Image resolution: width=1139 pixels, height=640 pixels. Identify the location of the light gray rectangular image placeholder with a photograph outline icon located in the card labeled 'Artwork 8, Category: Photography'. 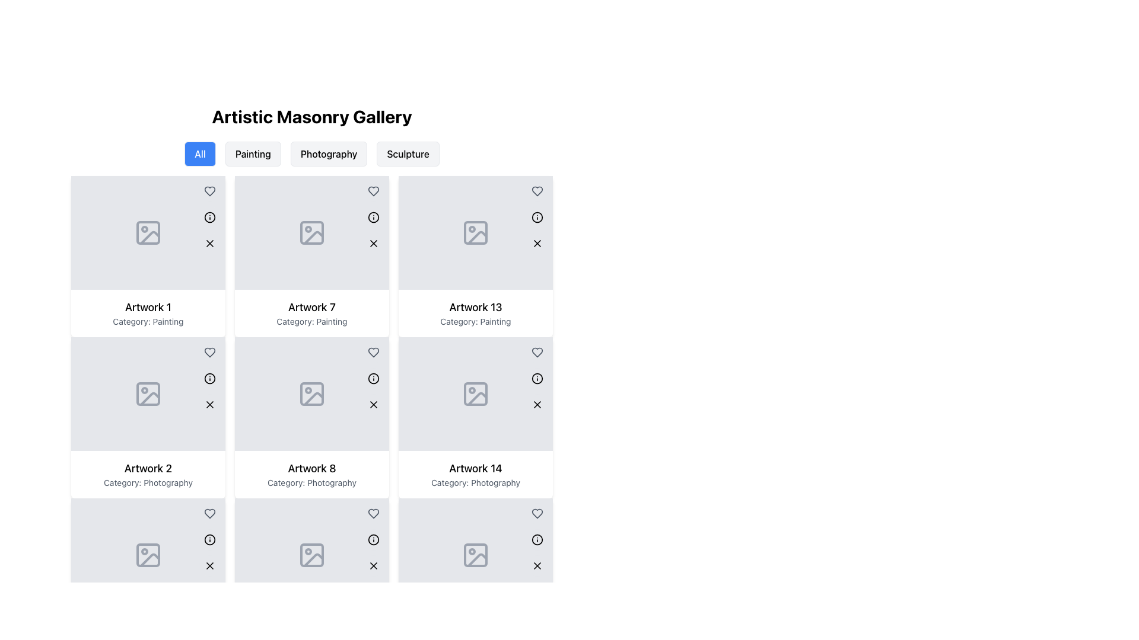
(312, 555).